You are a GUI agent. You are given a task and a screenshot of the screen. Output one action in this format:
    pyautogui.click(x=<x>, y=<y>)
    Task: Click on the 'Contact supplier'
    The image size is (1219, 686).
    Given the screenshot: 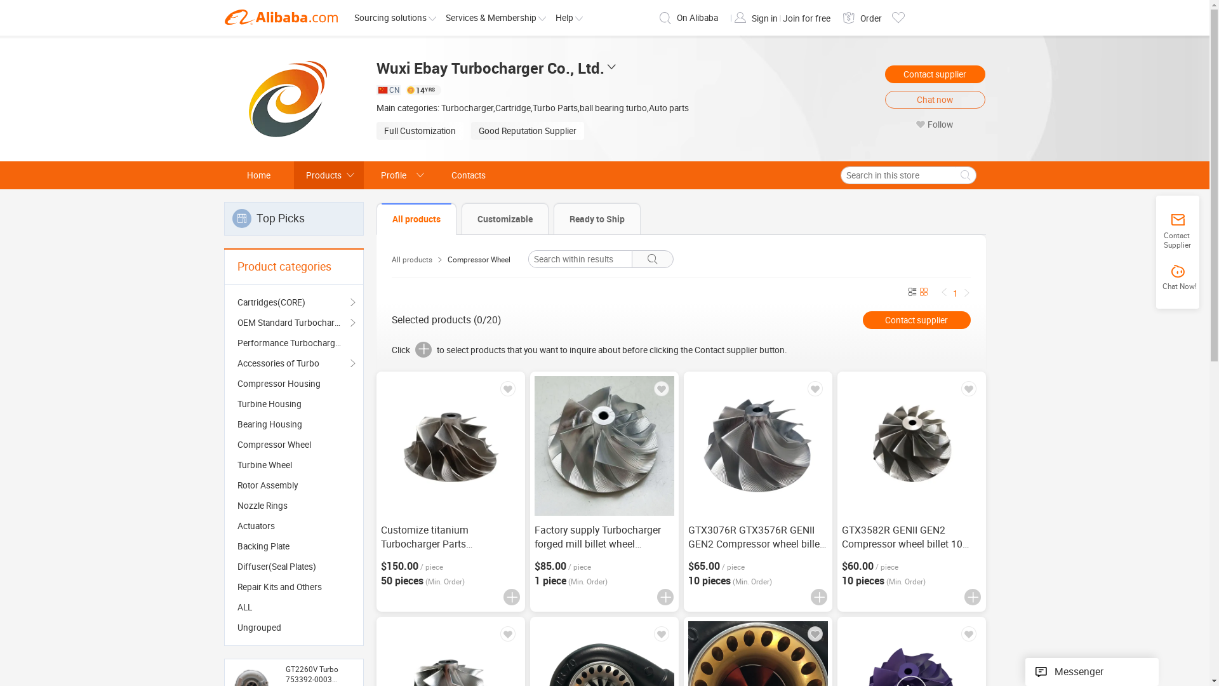 What is the action you would take?
    pyautogui.click(x=935, y=74)
    